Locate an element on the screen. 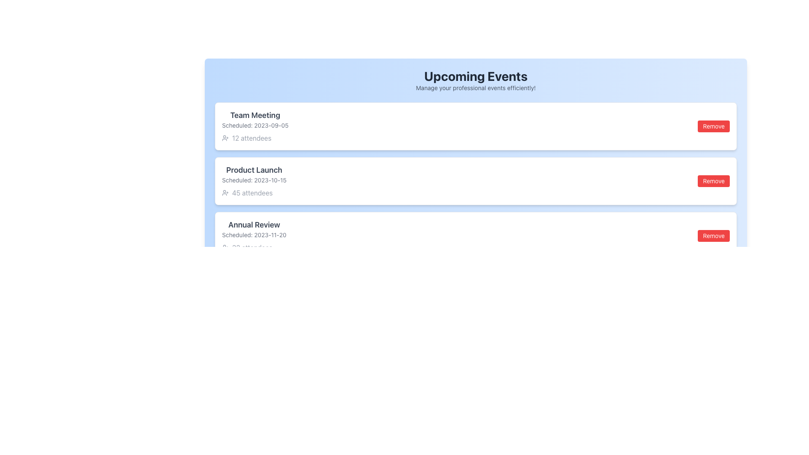 The width and height of the screenshot is (809, 455). the 'Remove' button with a red background located at the far right end of the 'Product Launch' list item is located at coordinates (713, 180).